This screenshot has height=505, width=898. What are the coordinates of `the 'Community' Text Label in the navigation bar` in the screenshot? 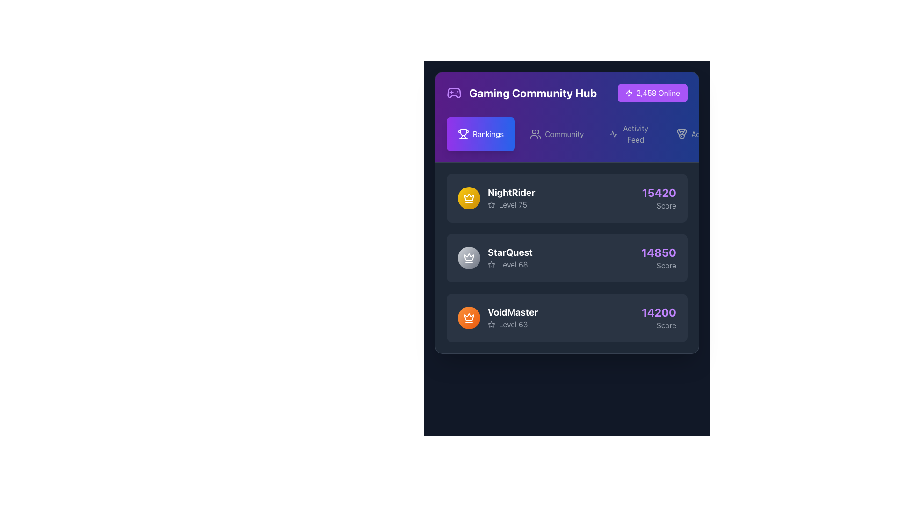 It's located at (564, 134).